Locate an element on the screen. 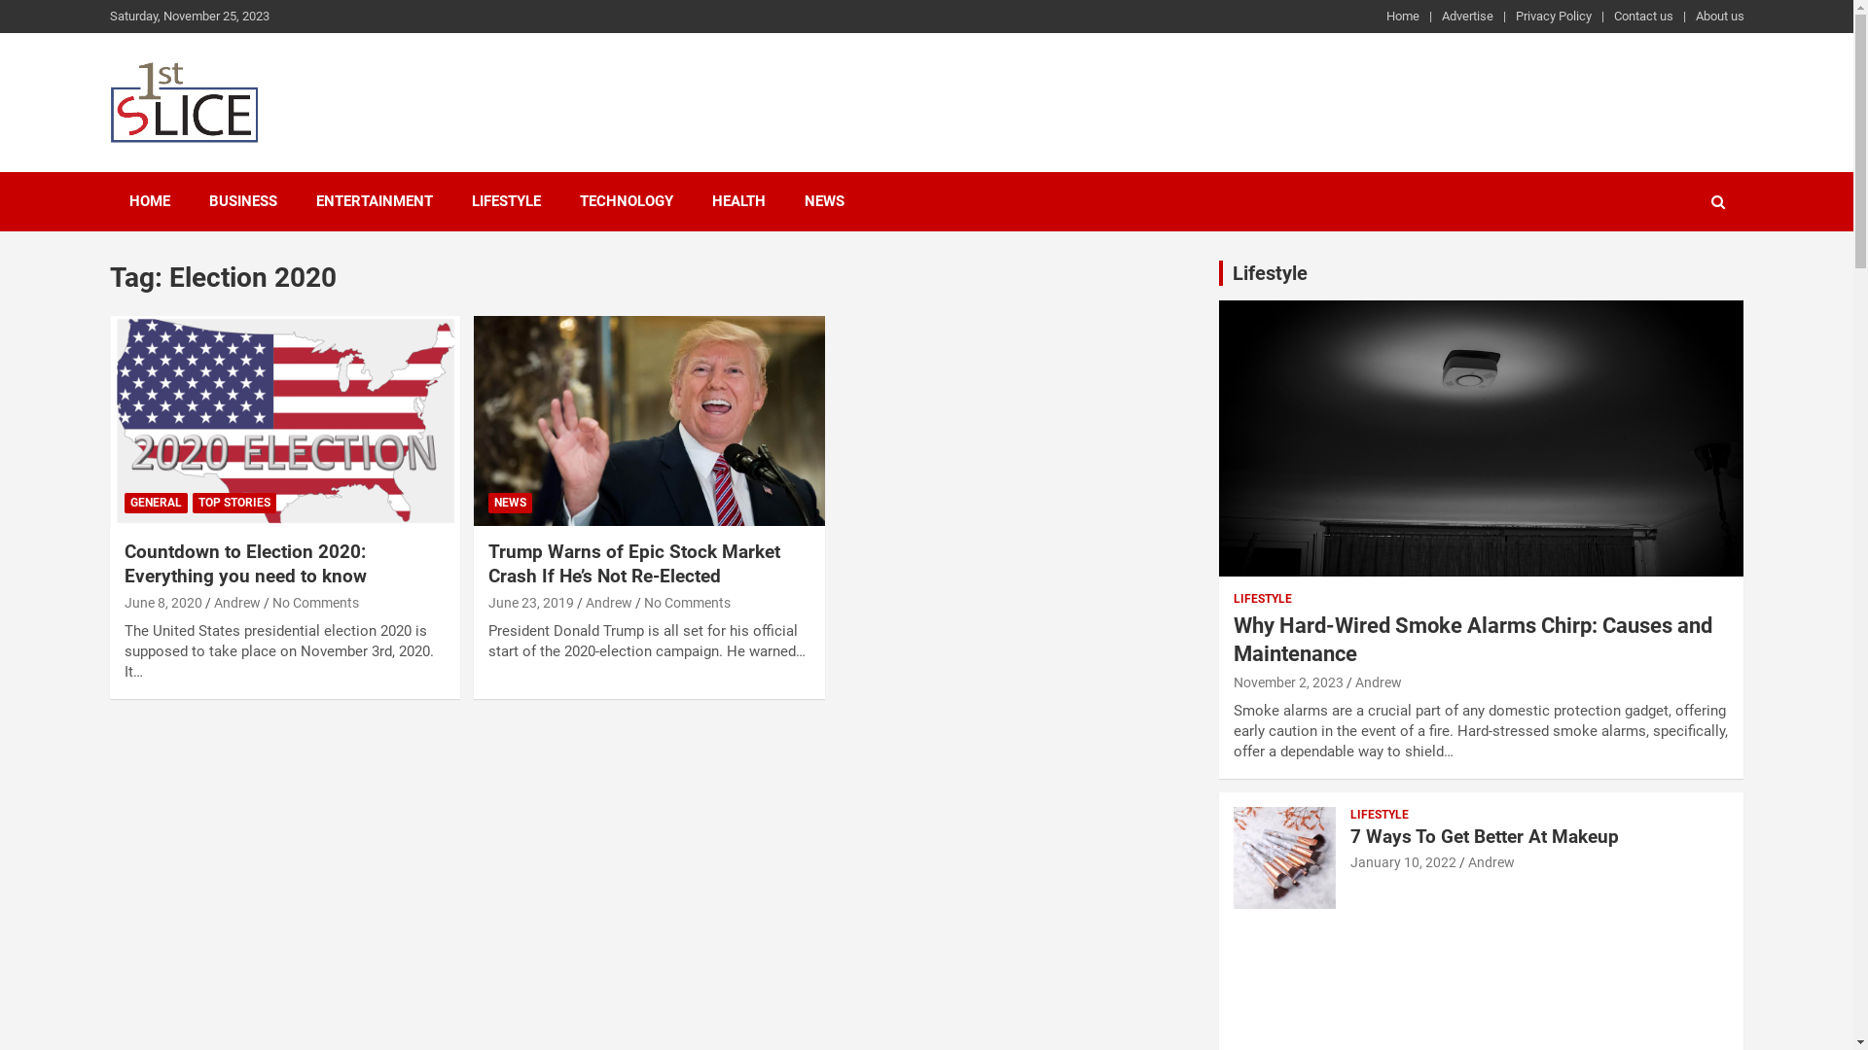 This screenshot has height=1050, width=1868. 'ENTERTAINMENT' is located at coordinates (374, 201).